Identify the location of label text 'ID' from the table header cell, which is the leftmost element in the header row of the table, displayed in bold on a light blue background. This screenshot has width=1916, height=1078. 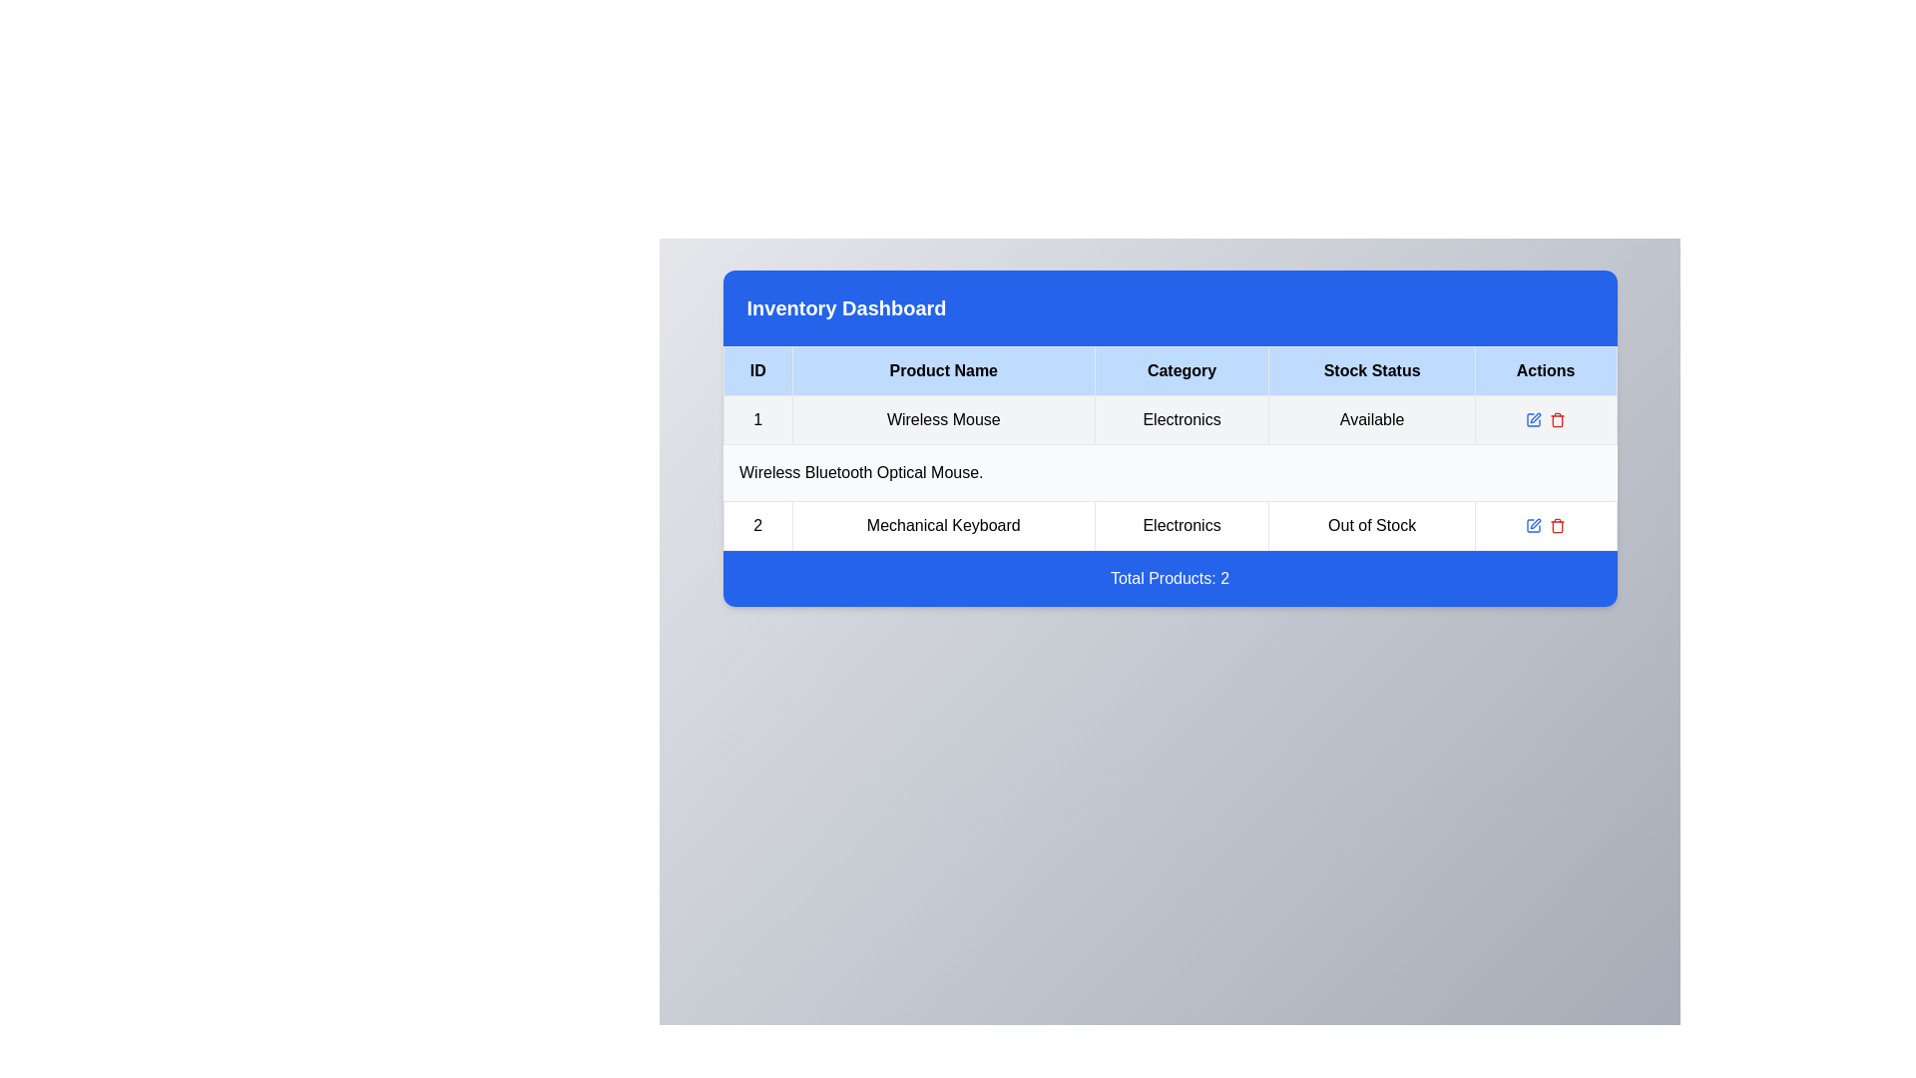
(756, 370).